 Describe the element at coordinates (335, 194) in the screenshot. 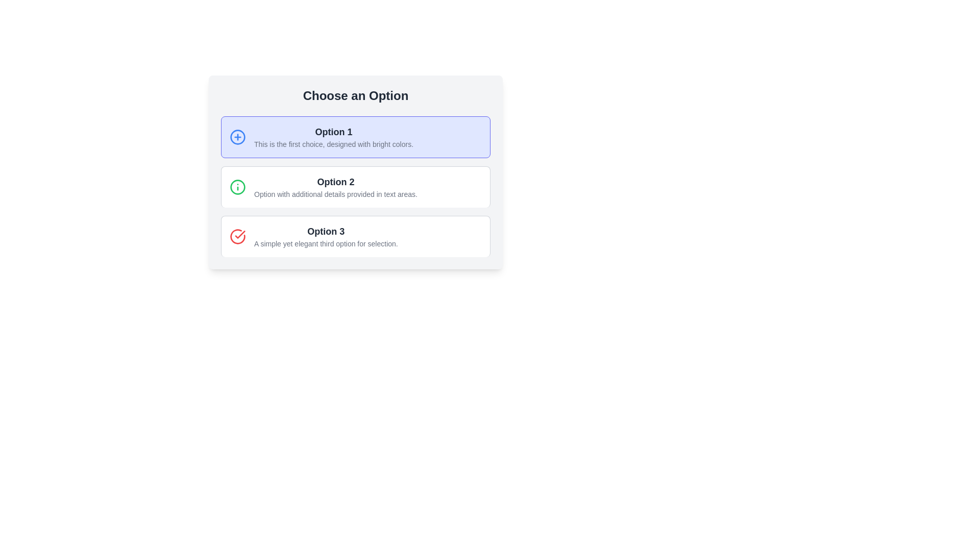

I see `the text label that provides additional explanation for 'Option 2', located below the 'Option 2' heading and to the right of the illustrative icon` at that location.